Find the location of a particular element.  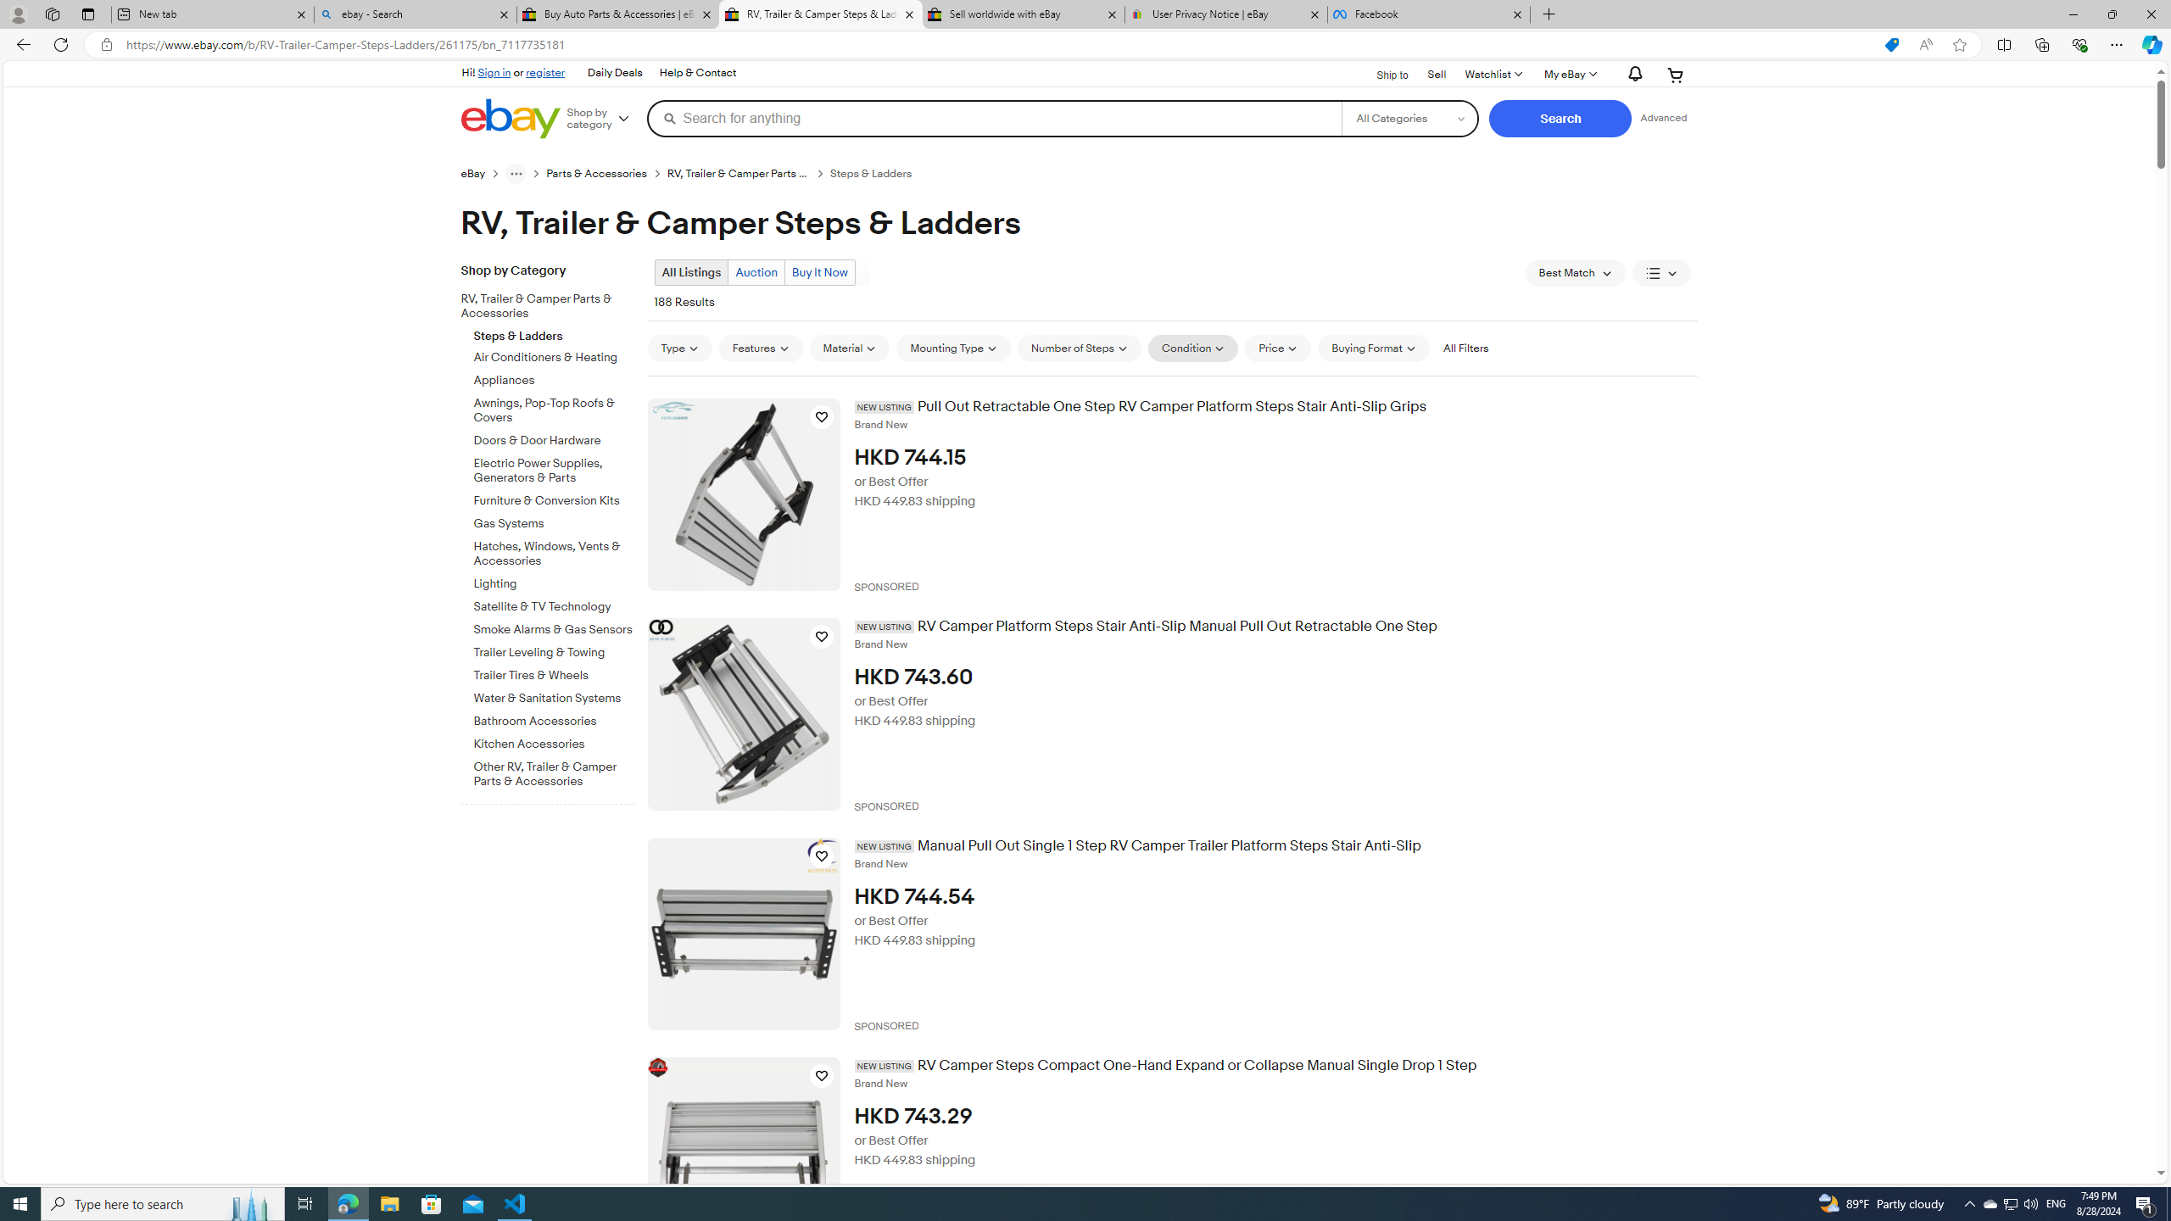

'Type' is located at coordinates (678, 348).